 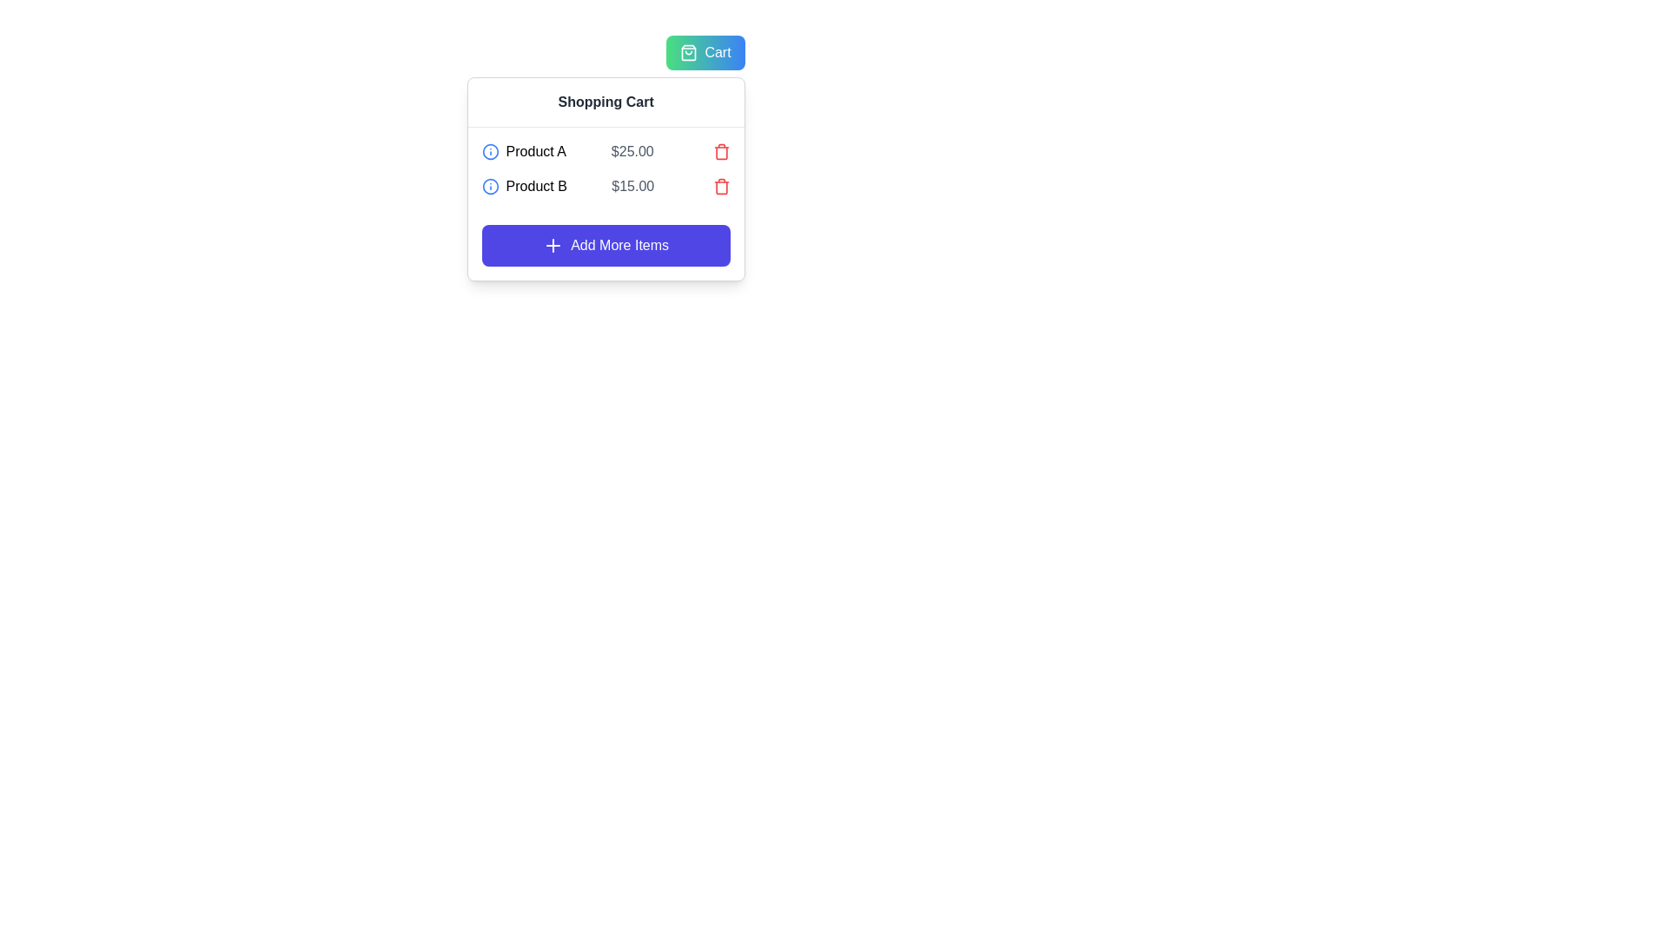 What do you see at coordinates (632, 187) in the screenshot?
I see `the text label displaying the price '$15.00' in gray font, located within the 'Product B' row of the shopping cart UI` at bounding box center [632, 187].